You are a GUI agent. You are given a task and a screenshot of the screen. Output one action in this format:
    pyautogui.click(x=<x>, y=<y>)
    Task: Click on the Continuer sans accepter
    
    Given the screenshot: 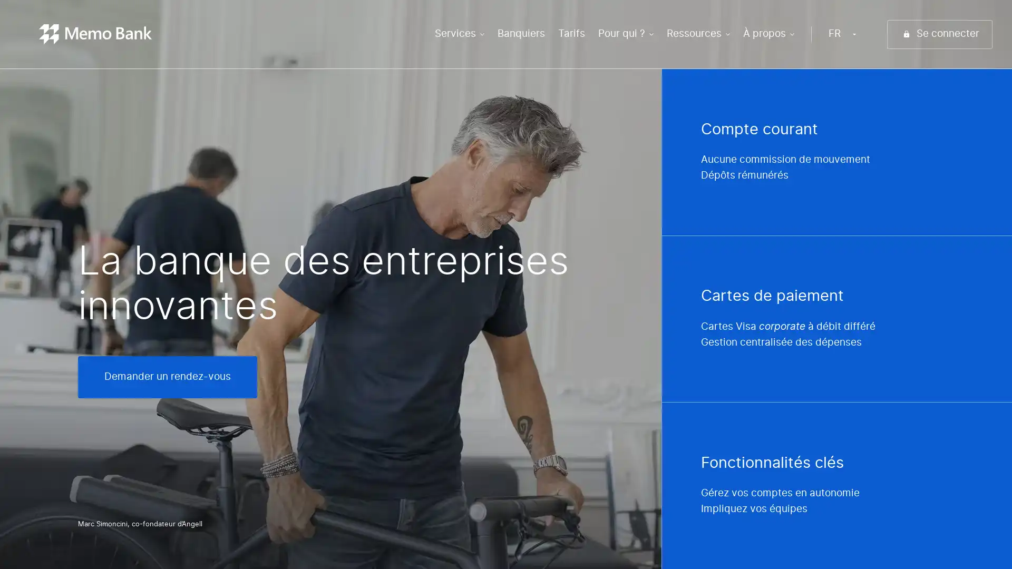 What is the action you would take?
    pyautogui.click(x=22, y=550)
    